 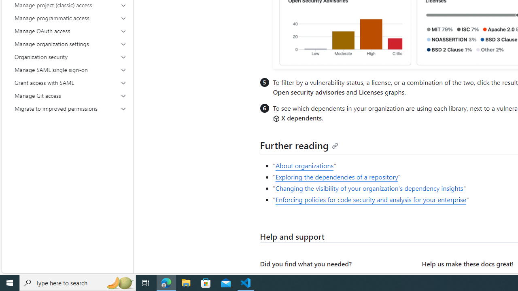 I want to click on 'Manage SAML single sign-on', so click(x=70, y=69).